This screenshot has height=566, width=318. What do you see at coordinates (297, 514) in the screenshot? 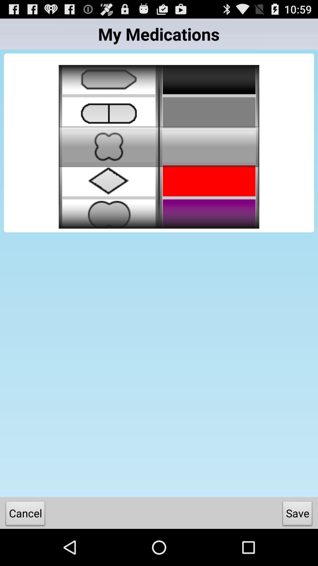
I see `save button` at bounding box center [297, 514].